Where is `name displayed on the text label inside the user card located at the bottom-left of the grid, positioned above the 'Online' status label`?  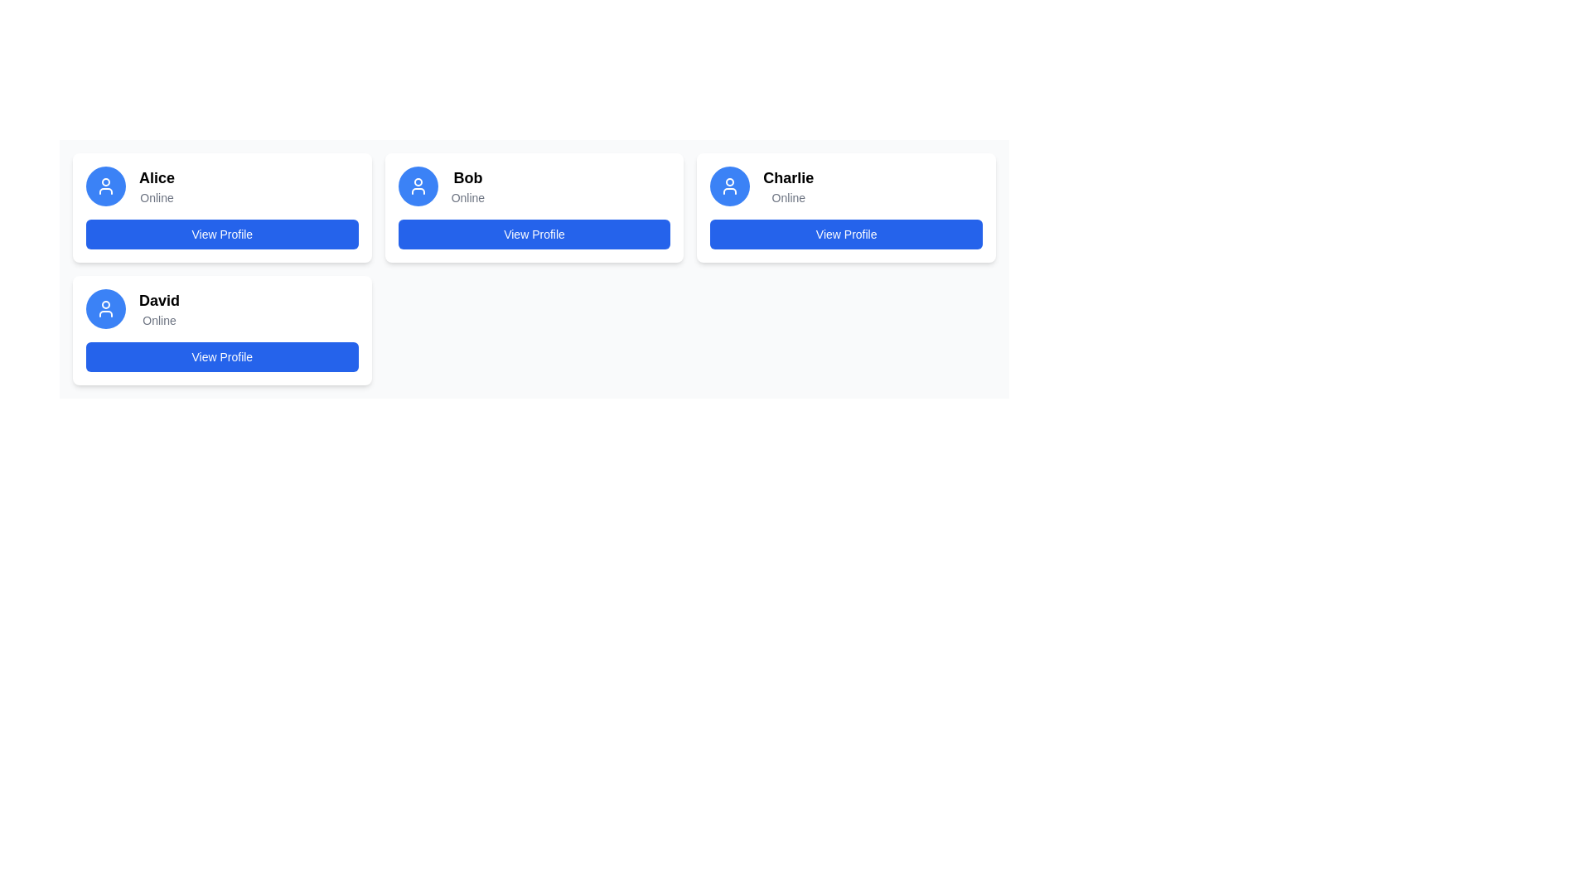
name displayed on the text label inside the user card located at the bottom-left of the grid, positioned above the 'Online' status label is located at coordinates (159, 300).